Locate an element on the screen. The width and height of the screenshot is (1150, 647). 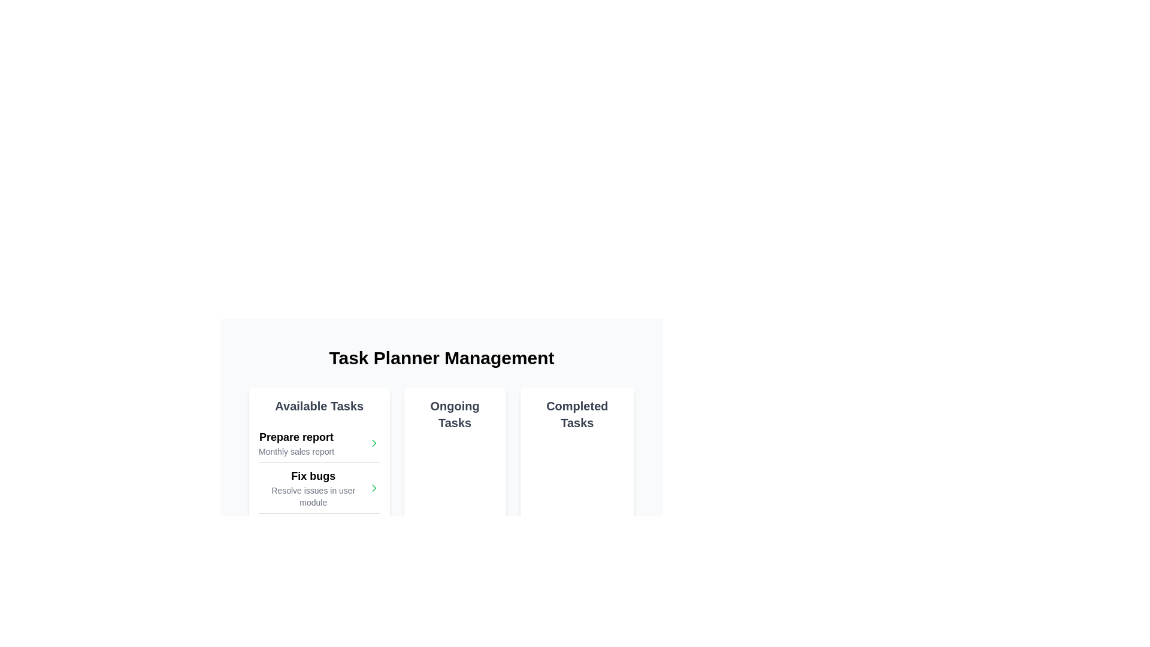
the second list item titled 'Fix bugs' in the task management interface is located at coordinates (319, 488).